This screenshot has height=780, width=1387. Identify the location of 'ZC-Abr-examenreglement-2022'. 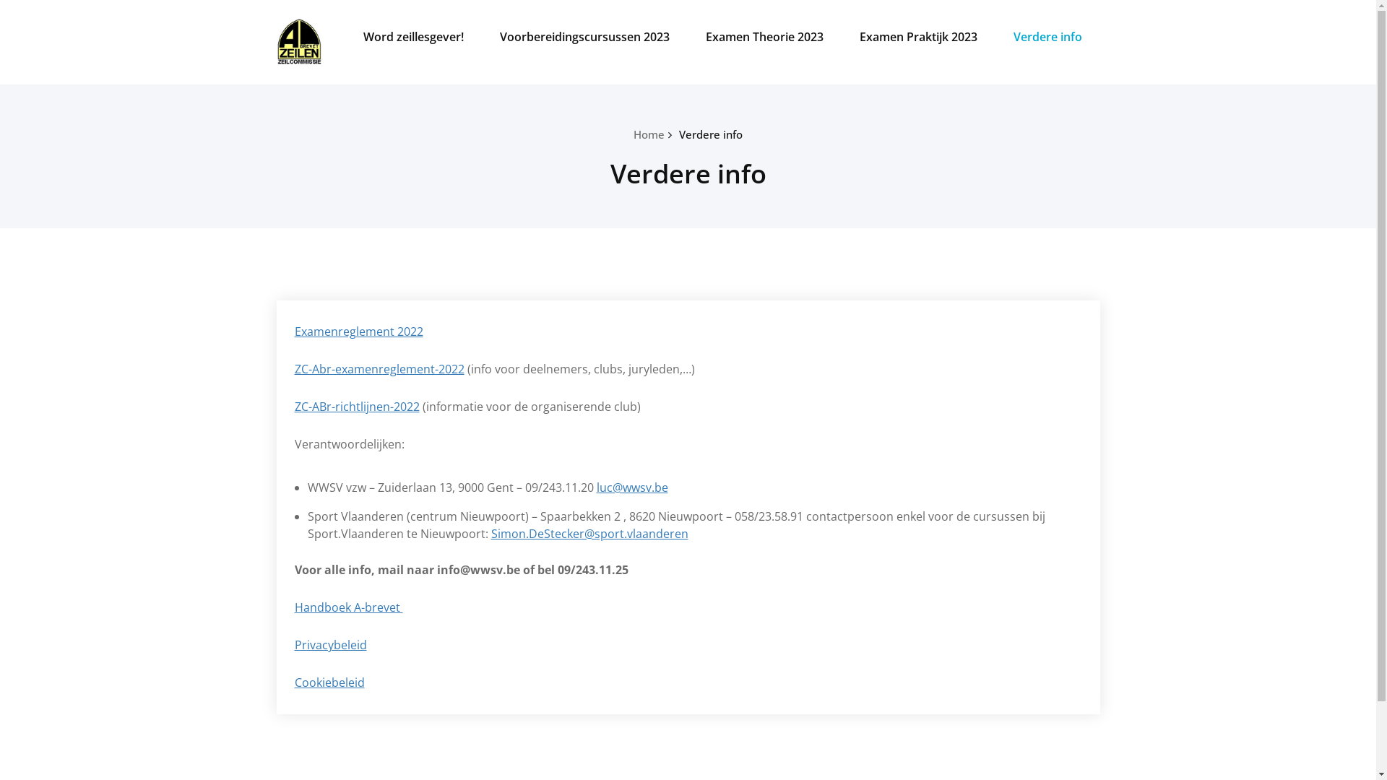
(294, 368).